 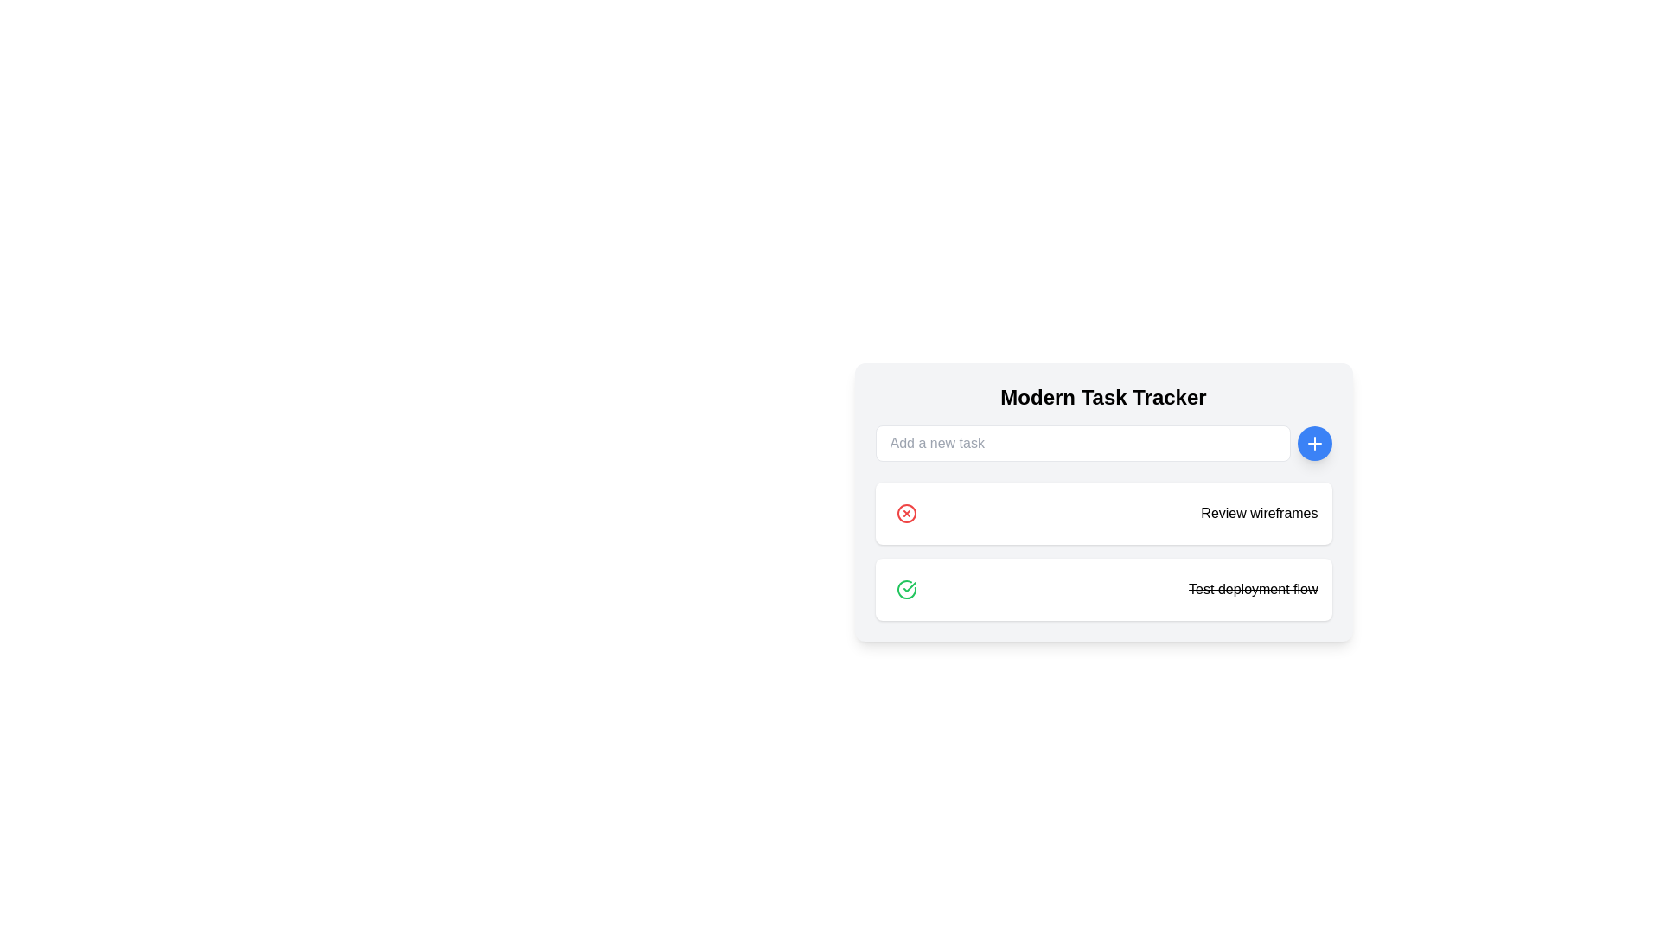 I want to click on the delete button located in the top-left corner of the 'Review wireframes' task entry under the 'Modern Task Tracker' header, so click(x=905, y=513).